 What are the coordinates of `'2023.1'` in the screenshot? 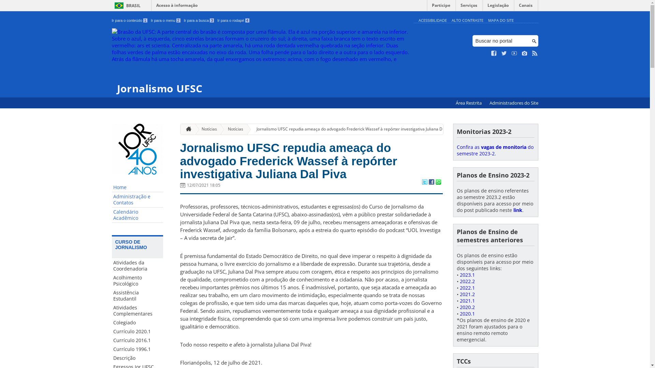 It's located at (467, 274).